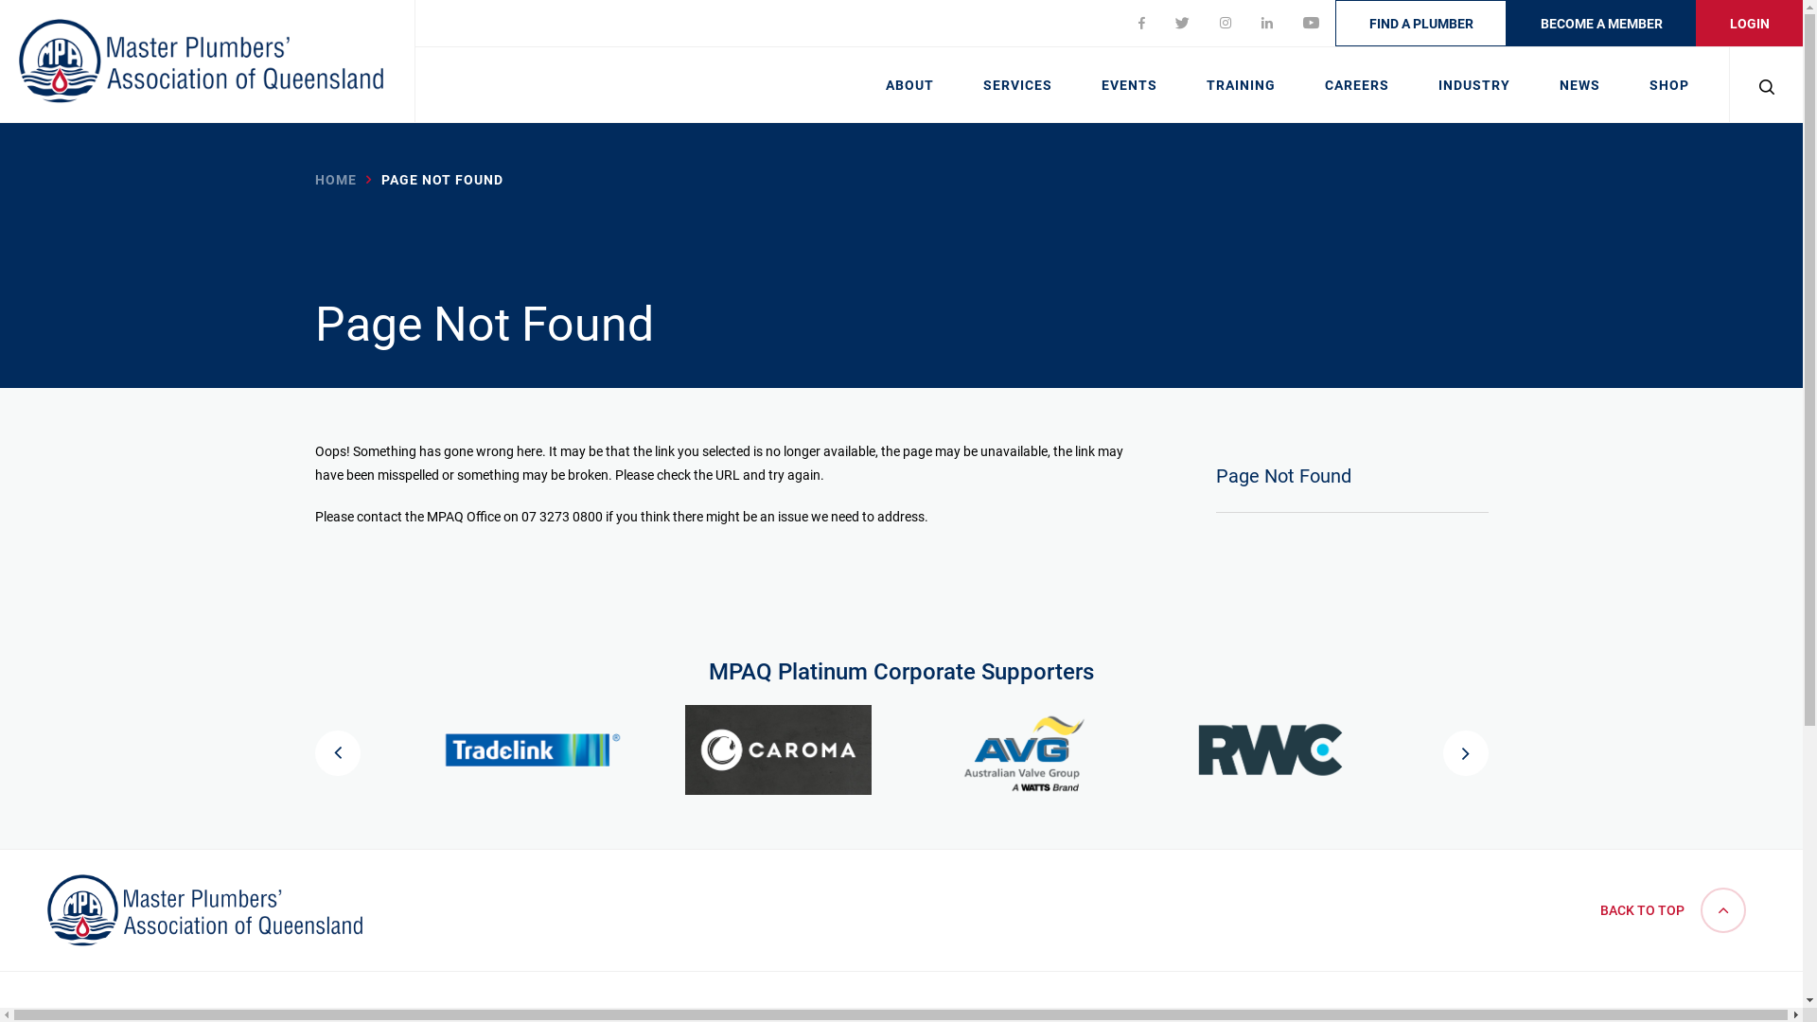  Describe the element at coordinates (1271, 749) in the screenshot. I see `'RWC - Platinum Corporate Supporter'` at that location.